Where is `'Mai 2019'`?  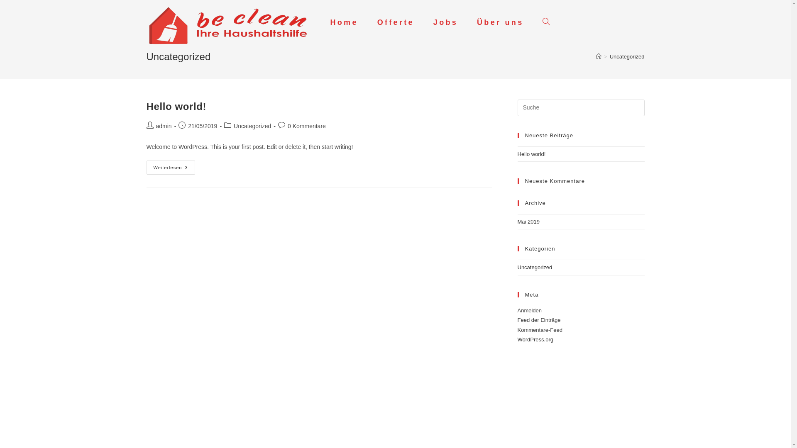
'Mai 2019' is located at coordinates (517, 221).